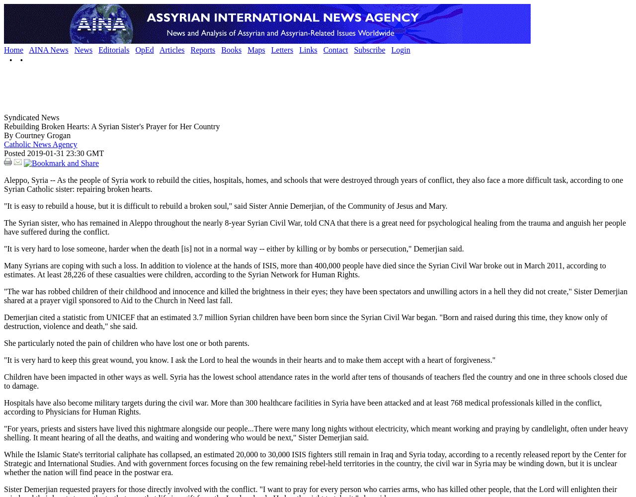 This screenshot has width=636, height=497. Describe the element at coordinates (37, 135) in the screenshot. I see `'By Courtney Grogan'` at that location.